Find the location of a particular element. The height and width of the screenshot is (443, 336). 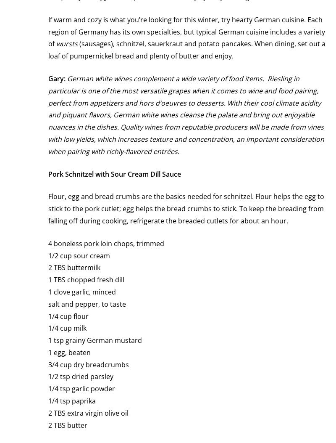

'3/4 cup dry breadcrumbs' is located at coordinates (88, 364).